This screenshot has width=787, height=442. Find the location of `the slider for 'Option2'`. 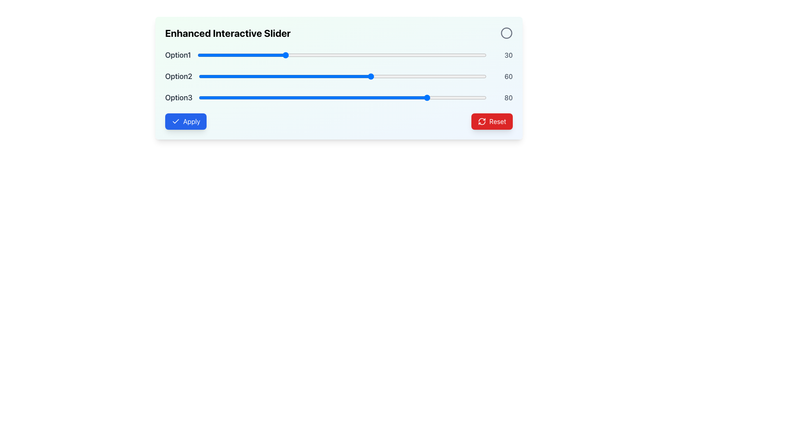

the slider for 'Option2' is located at coordinates (443, 76).